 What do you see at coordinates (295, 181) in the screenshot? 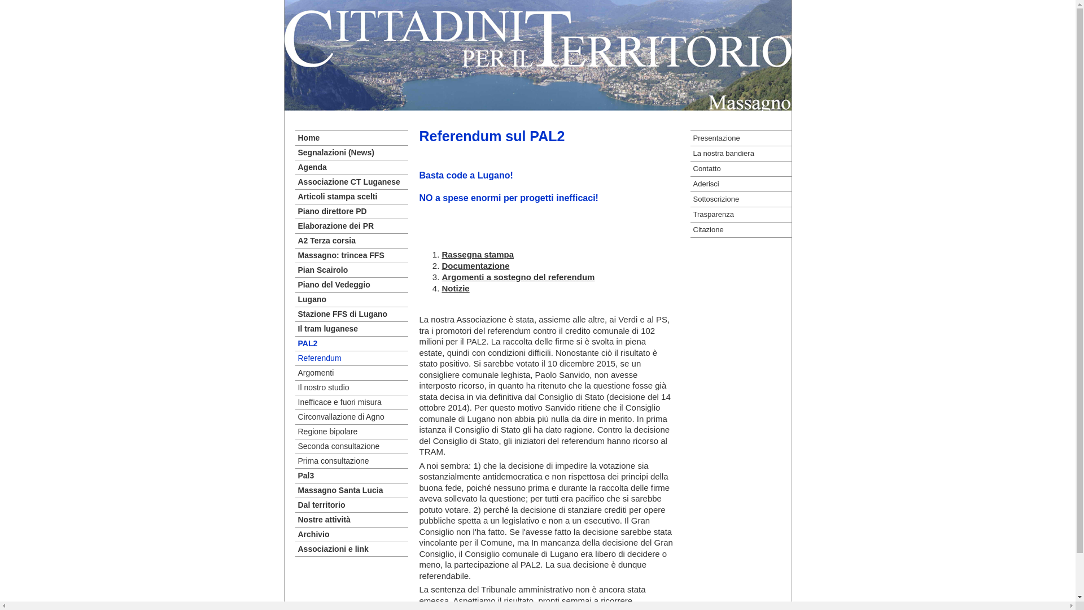
I see `'Associazione CT Luganese'` at bounding box center [295, 181].